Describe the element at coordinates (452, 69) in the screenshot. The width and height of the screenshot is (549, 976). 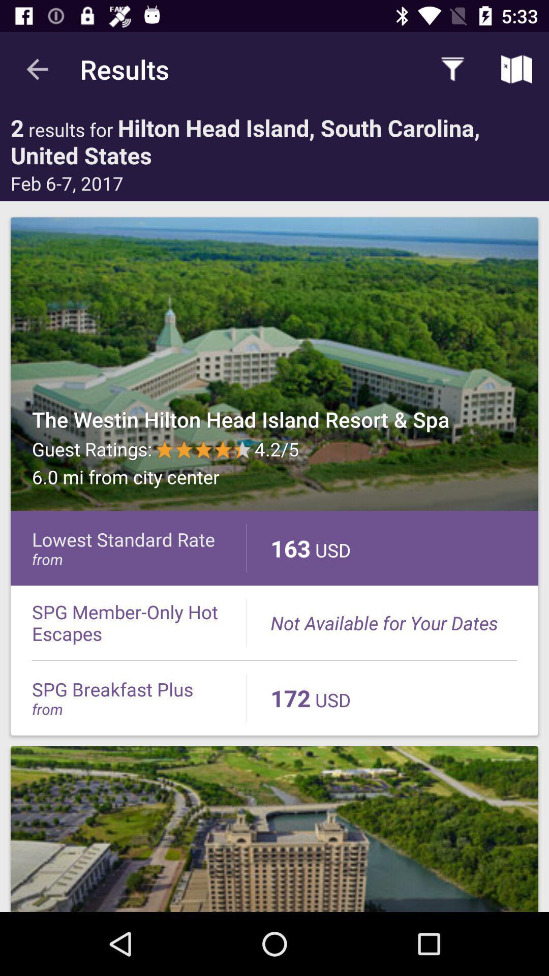
I see `the app to the right of the results item` at that location.